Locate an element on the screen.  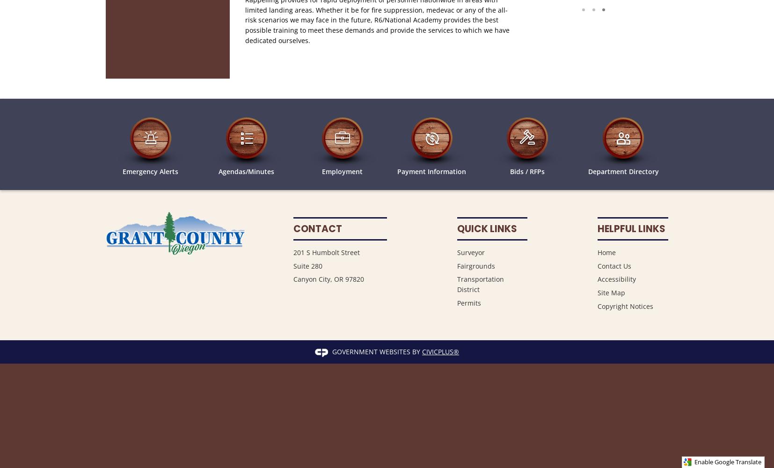
'Surveyor' is located at coordinates (457, 252).